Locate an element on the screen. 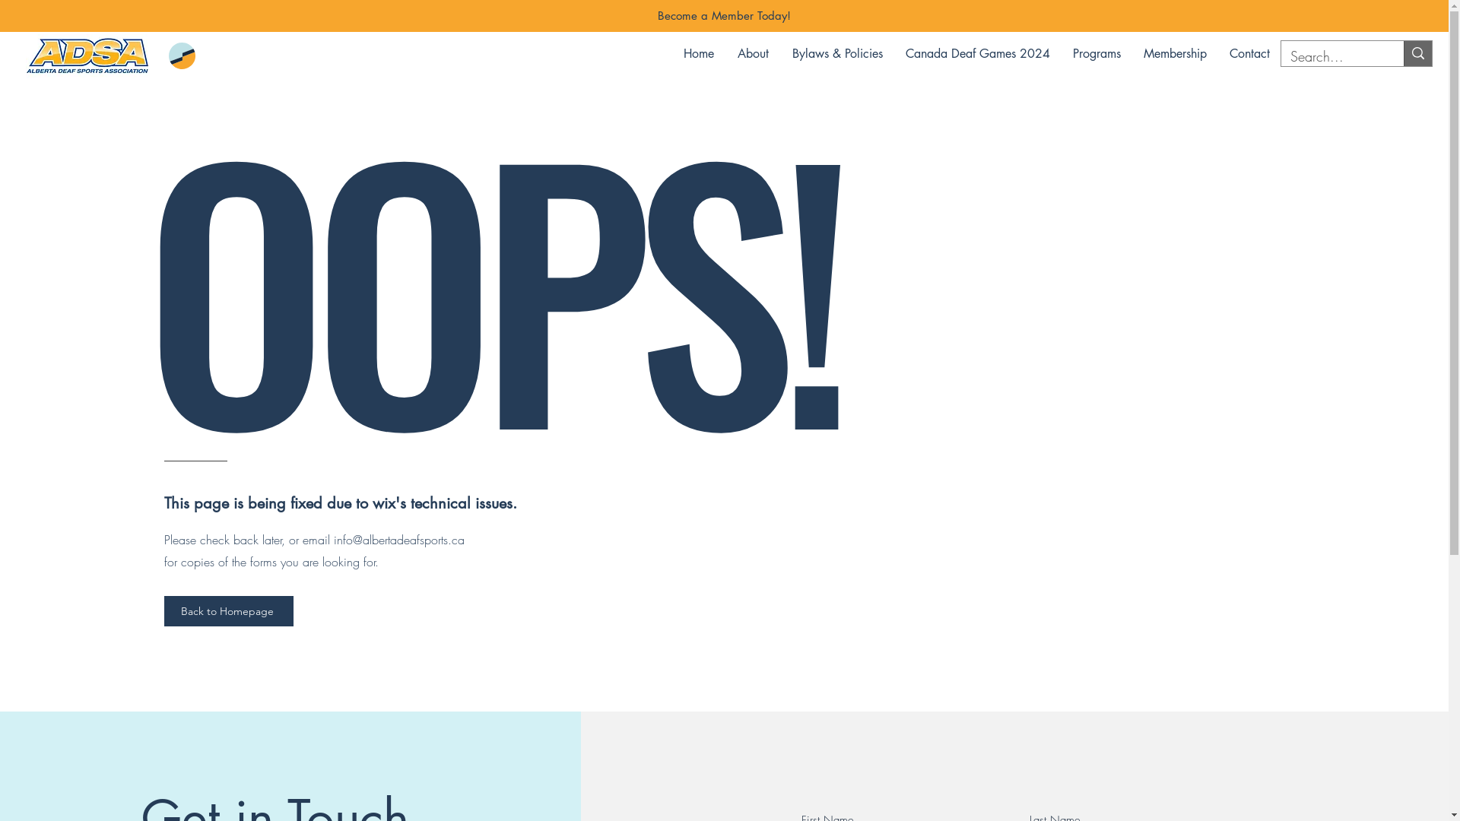  'Membership' is located at coordinates (1174, 52).